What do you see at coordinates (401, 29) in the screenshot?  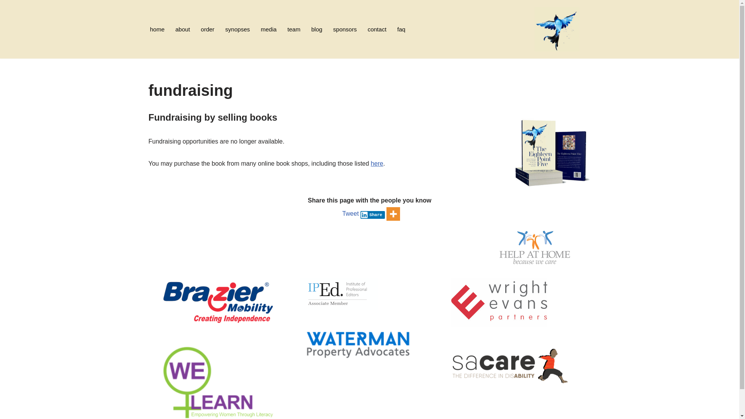 I see `'faq'` at bounding box center [401, 29].